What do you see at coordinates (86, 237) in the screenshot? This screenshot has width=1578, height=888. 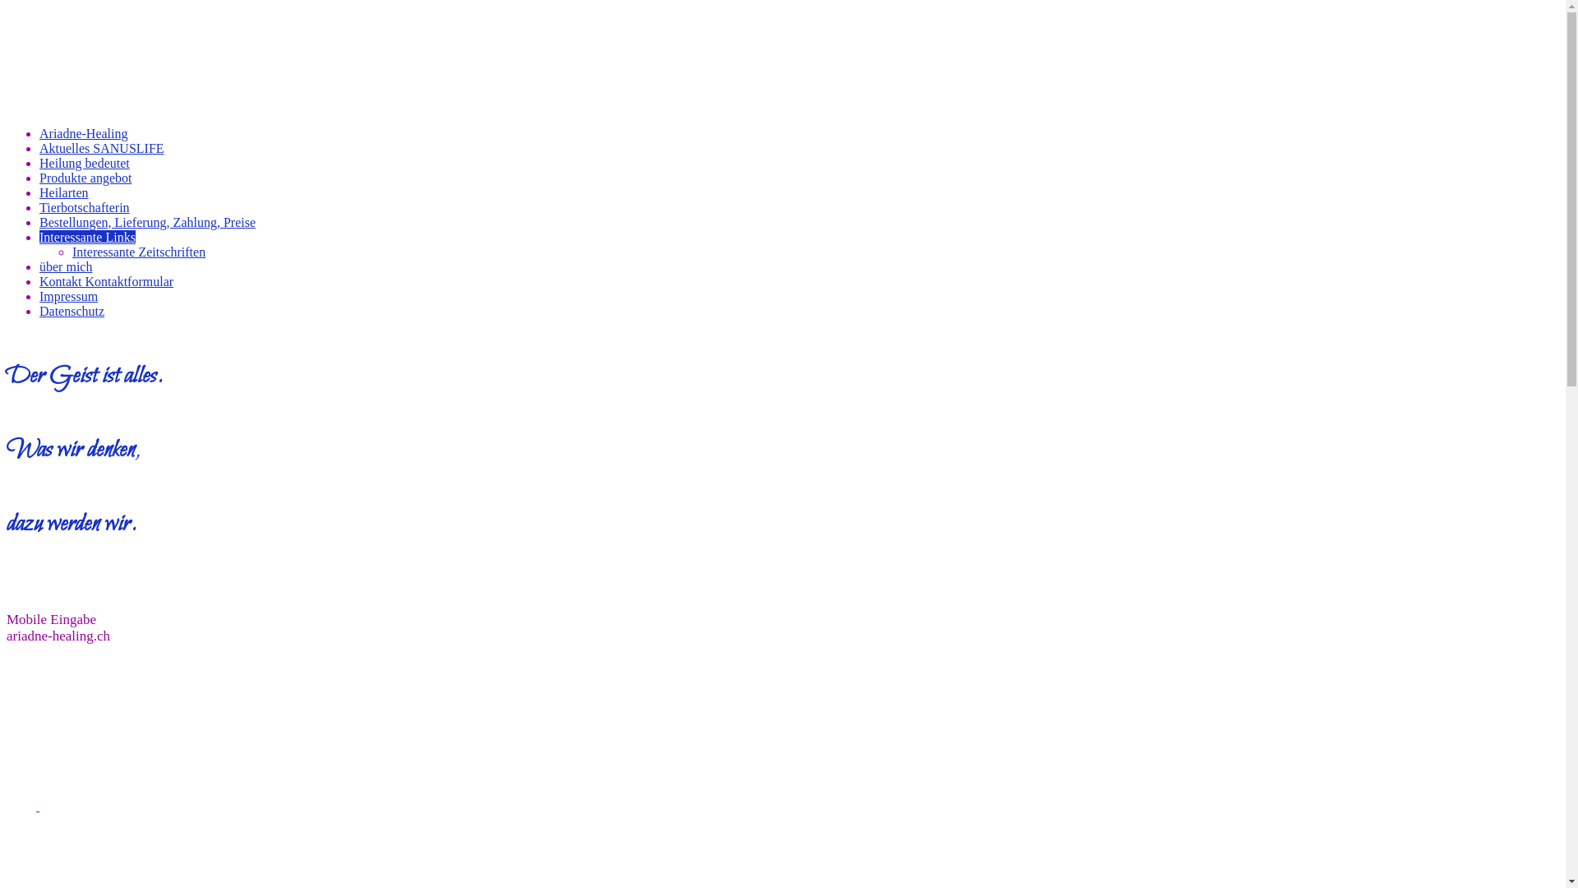 I see `'Interessante Links'` at bounding box center [86, 237].